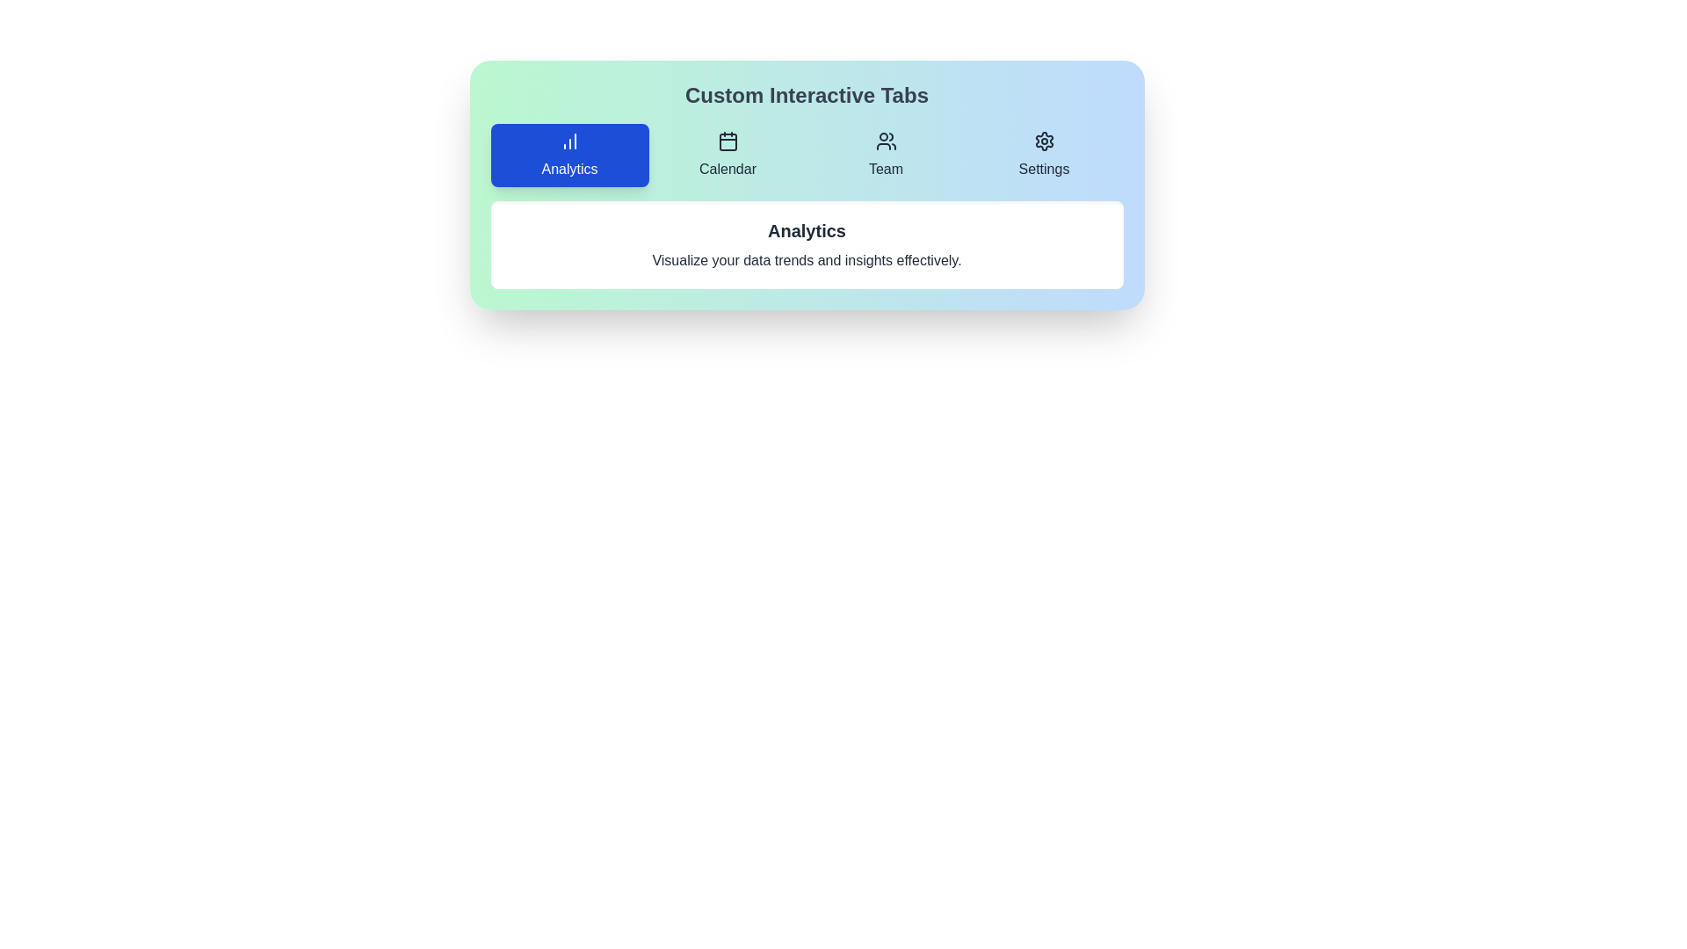 This screenshot has width=1687, height=949. Describe the element at coordinates (569, 141) in the screenshot. I see `the 'Analytics' tab icon, which visually represents data trends and insights analysis, located at the top-center of the tab above the label 'Analytics'` at that location.